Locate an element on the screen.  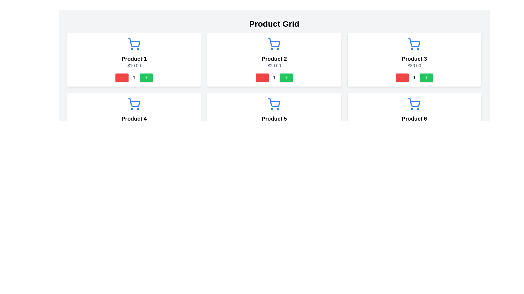
the shopping cart icon located at the top center of the 'Product 4' card in the second row of the grid layout is located at coordinates (134, 102).